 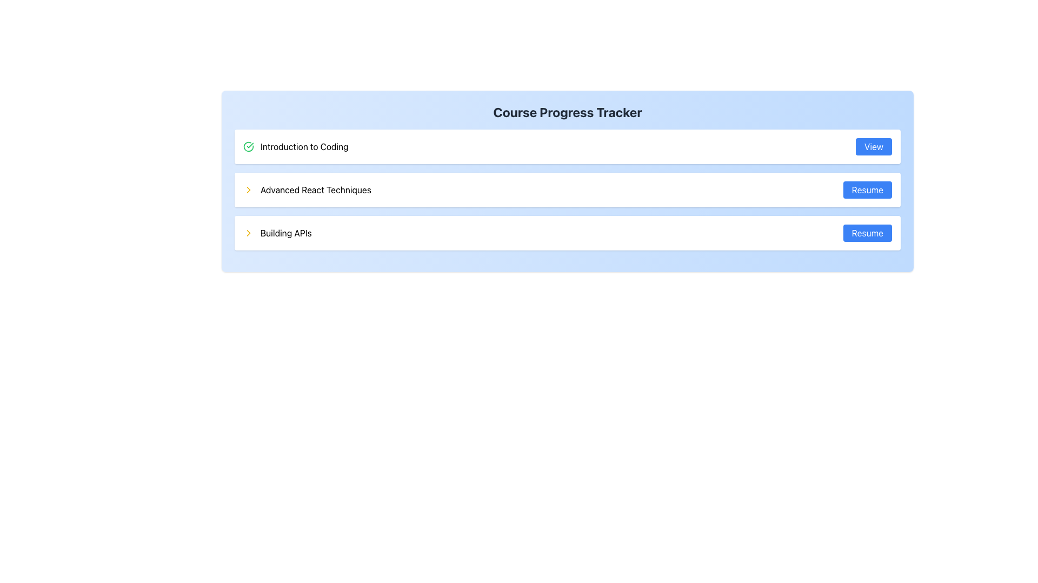 I want to click on the text label displaying 'Advanced React Techniques', which is located in the second row of a vertically stacked list, aligned to the left and preceded by an arrow icon, so click(x=315, y=189).